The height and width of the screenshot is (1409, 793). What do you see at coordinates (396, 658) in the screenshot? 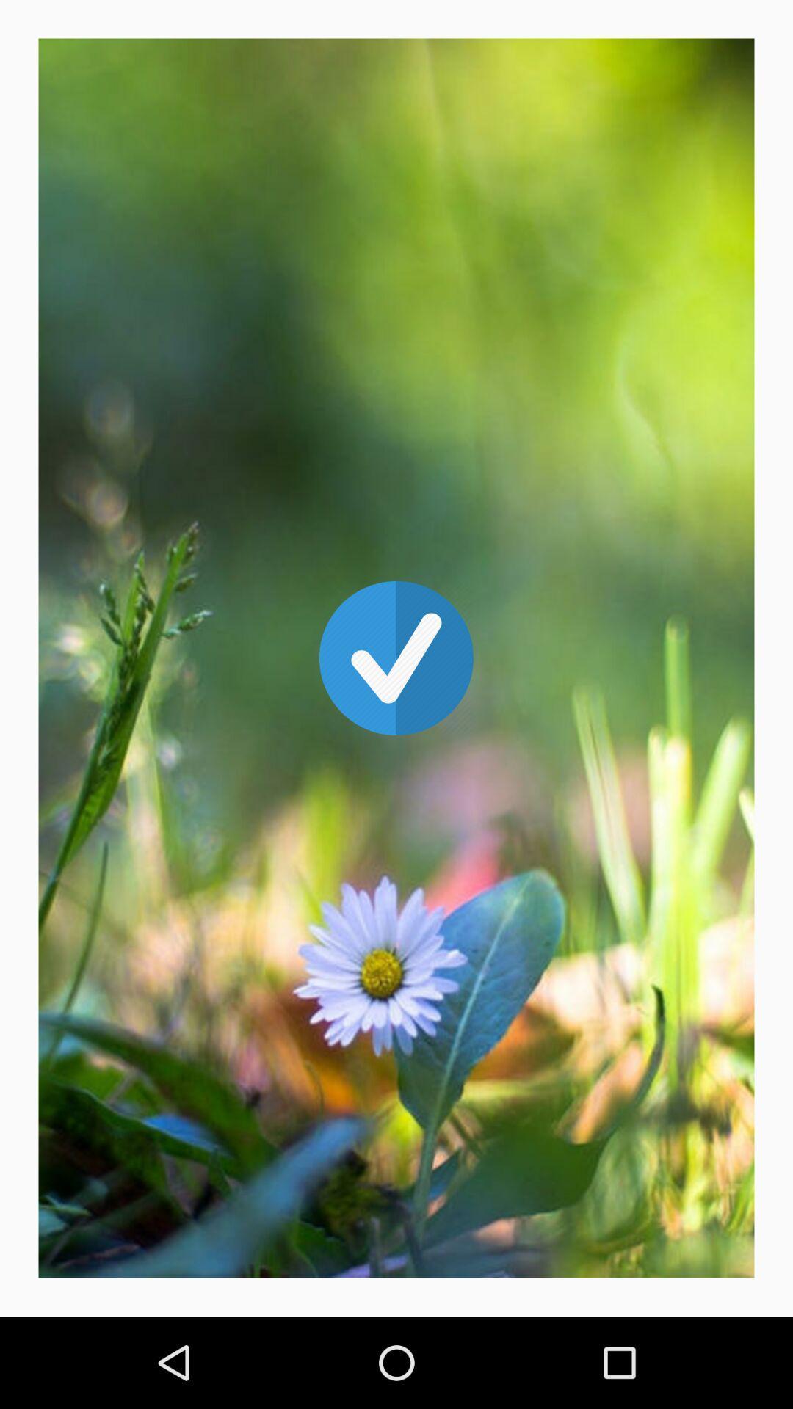
I see `deselect picture` at bounding box center [396, 658].